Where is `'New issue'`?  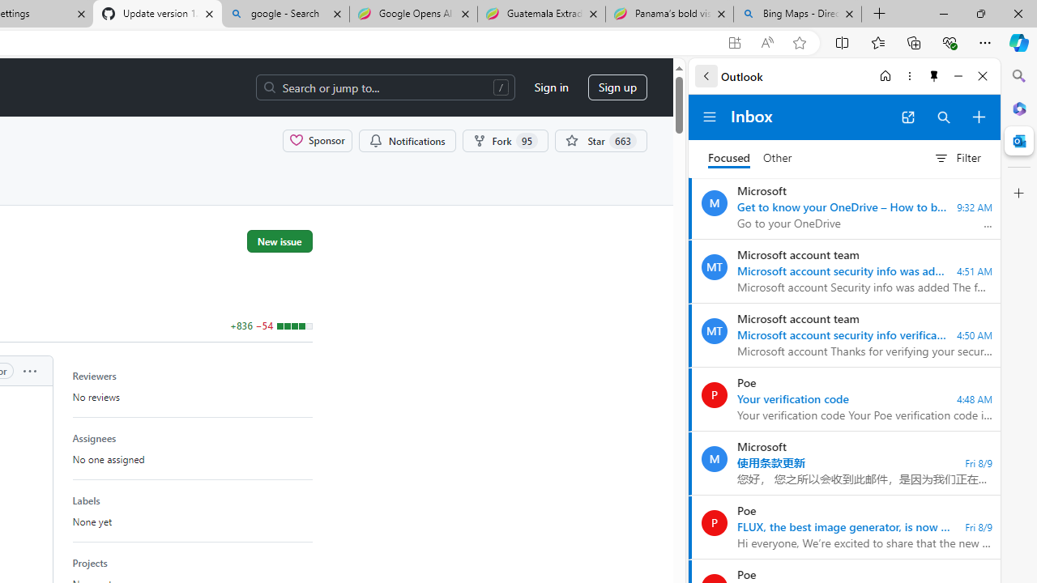
'New issue' is located at coordinates (280, 240).